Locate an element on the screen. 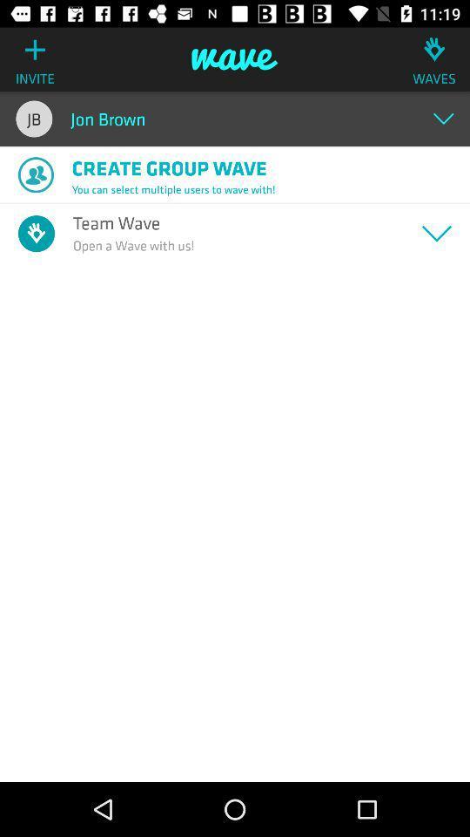 This screenshot has width=470, height=837. icon next to invite item is located at coordinates (235, 59).